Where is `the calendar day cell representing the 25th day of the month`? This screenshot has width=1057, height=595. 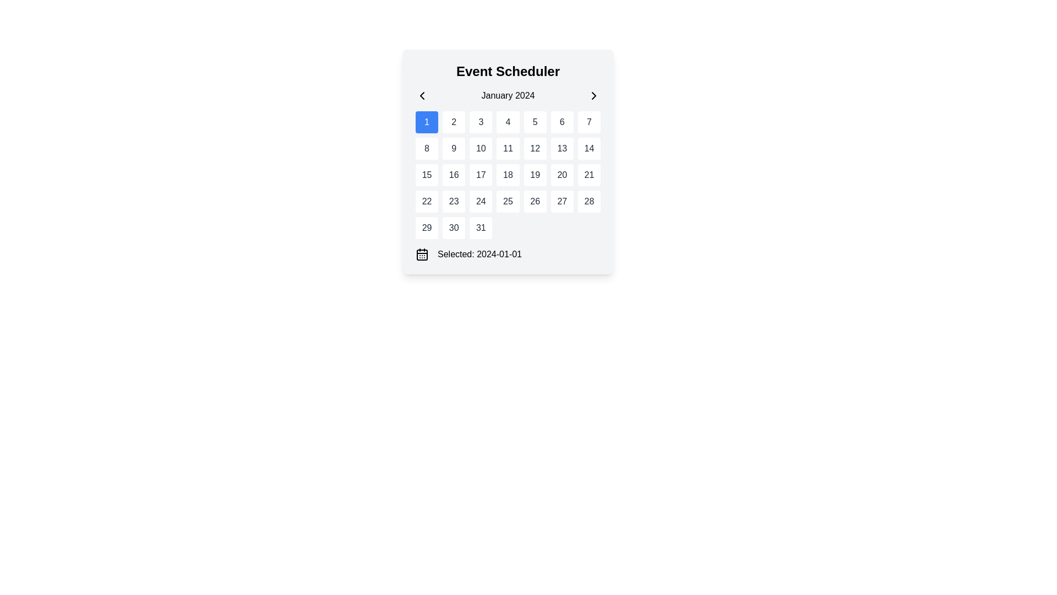
the calendar day cell representing the 25th day of the month is located at coordinates (506, 202).